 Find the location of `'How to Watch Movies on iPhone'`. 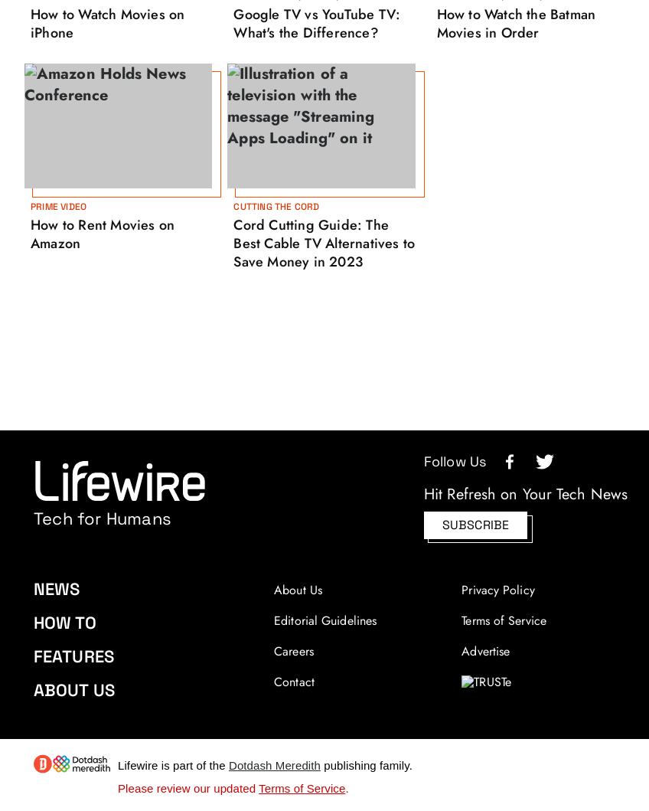

'How to Watch Movies on iPhone' is located at coordinates (106, 22).